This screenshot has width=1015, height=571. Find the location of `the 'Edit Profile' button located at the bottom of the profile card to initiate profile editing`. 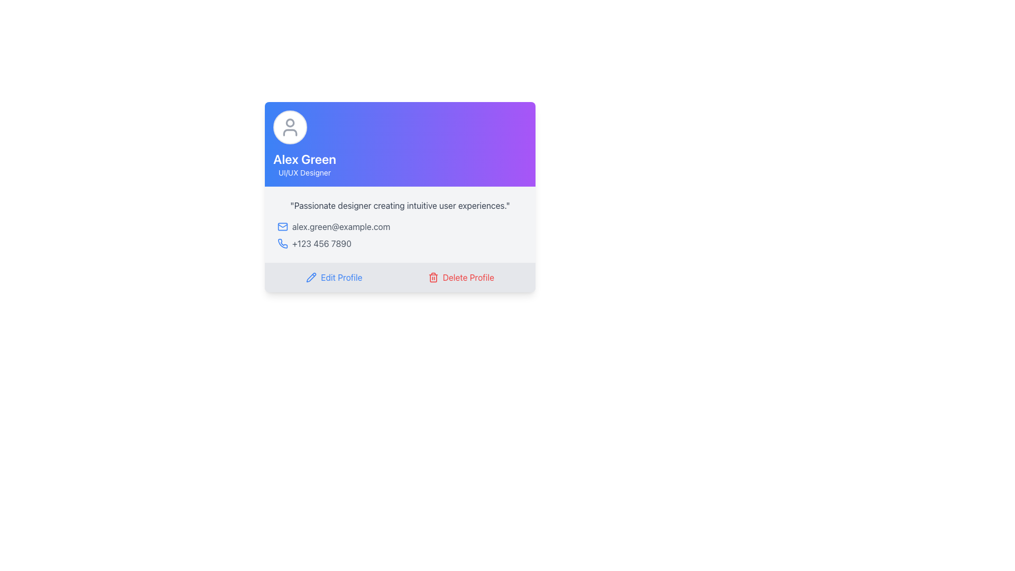

the 'Edit Profile' button located at the bottom of the profile card to initiate profile editing is located at coordinates (334, 277).